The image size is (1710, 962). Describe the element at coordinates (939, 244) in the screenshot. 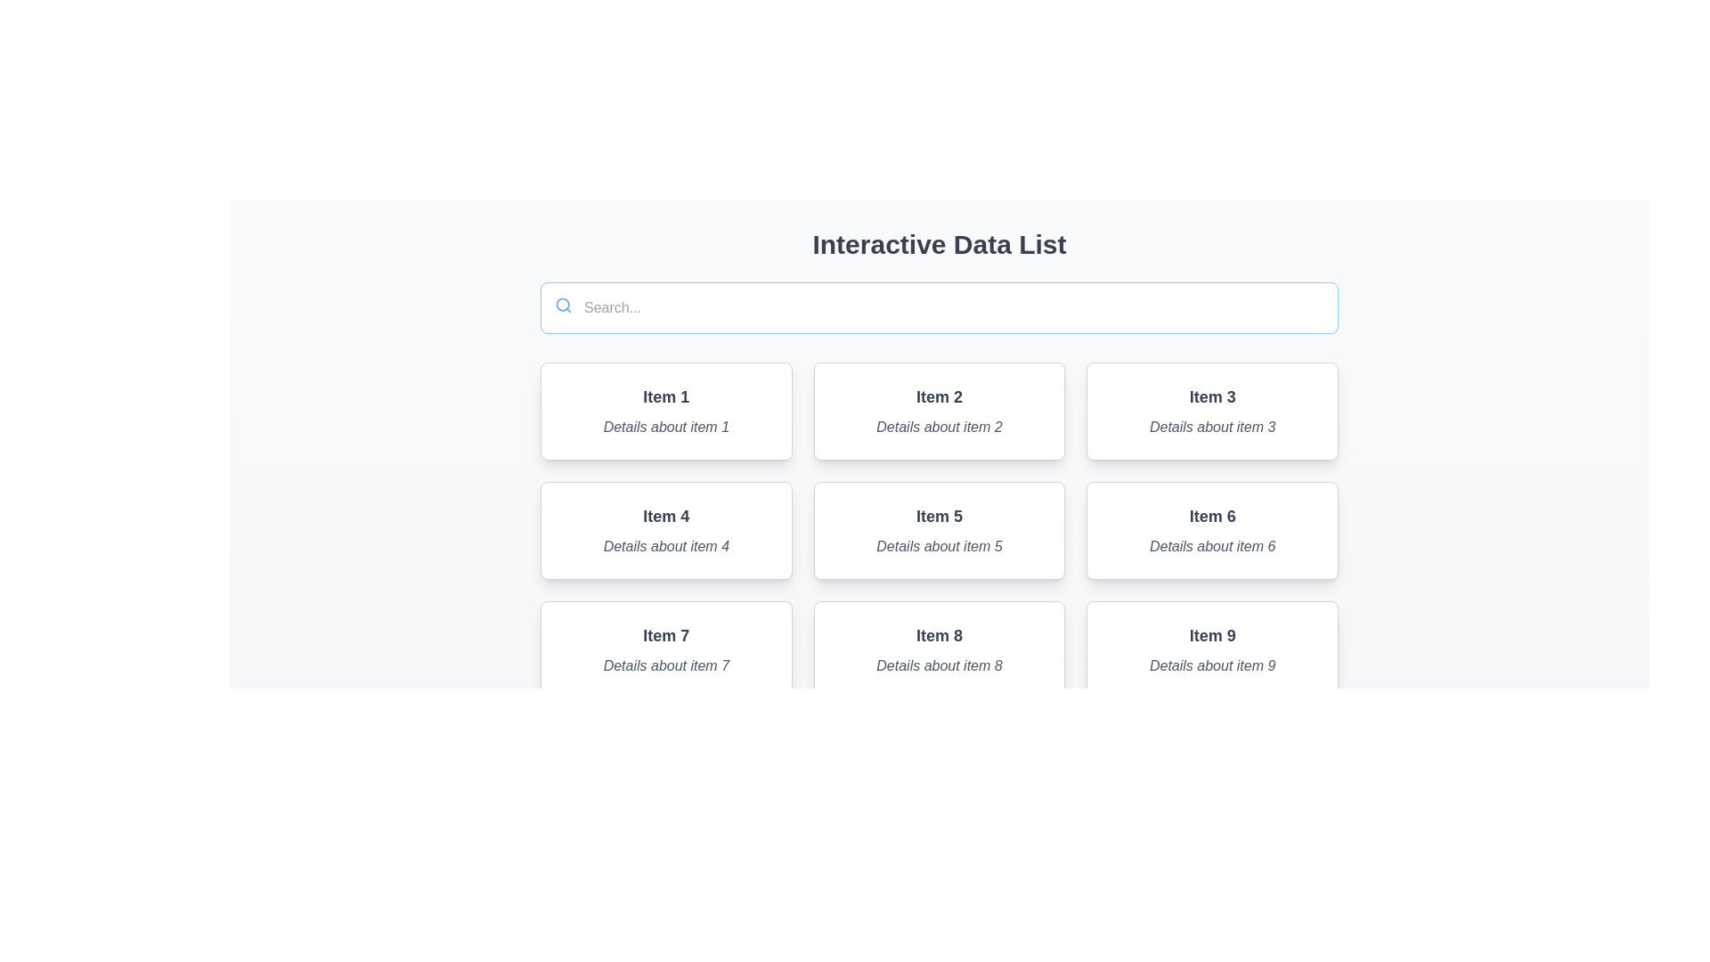

I see `the textual header element styled as H1 or H2, which indicates the title of the current view, located at the top section of the layout above the search bar` at that location.